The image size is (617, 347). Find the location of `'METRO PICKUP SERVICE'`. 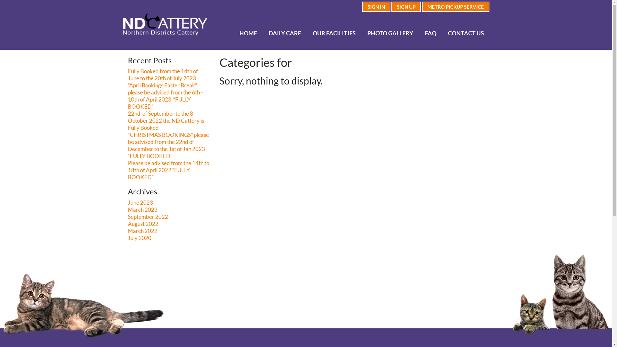

'METRO PICKUP SERVICE' is located at coordinates (455, 6).